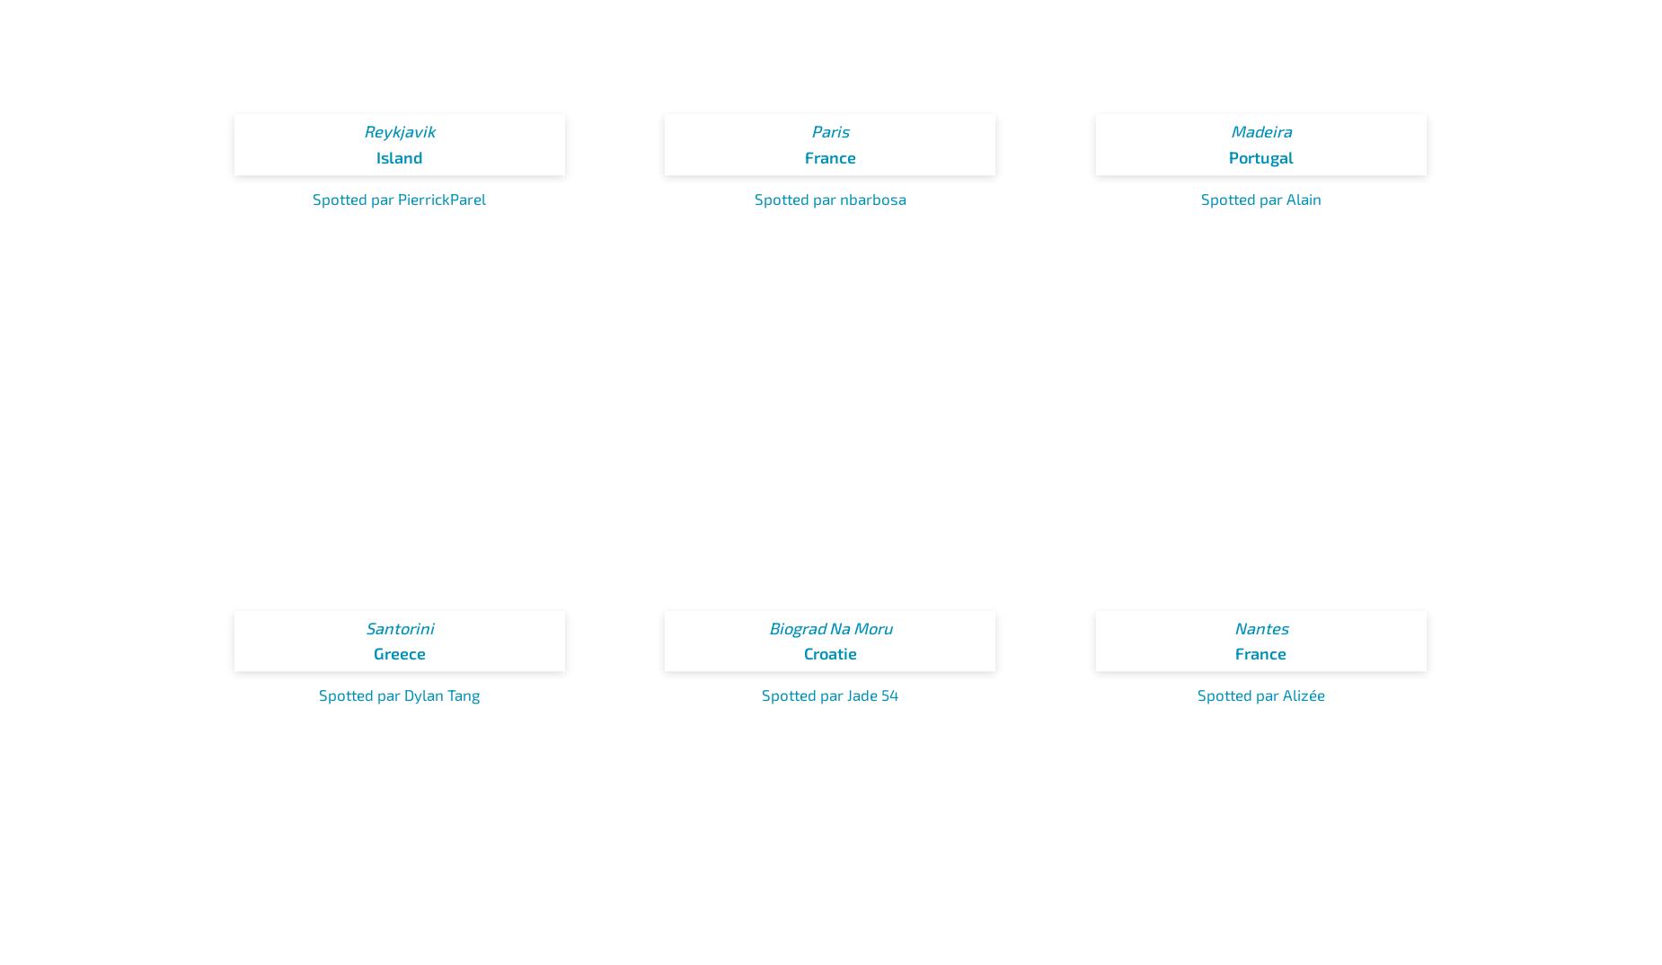 The height and width of the screenshot is (965, 1662). What do you see at coordinates (829, 625) in the screenshot?
I see `'Biograd Na Moru'` at bounding box center [829, 625].